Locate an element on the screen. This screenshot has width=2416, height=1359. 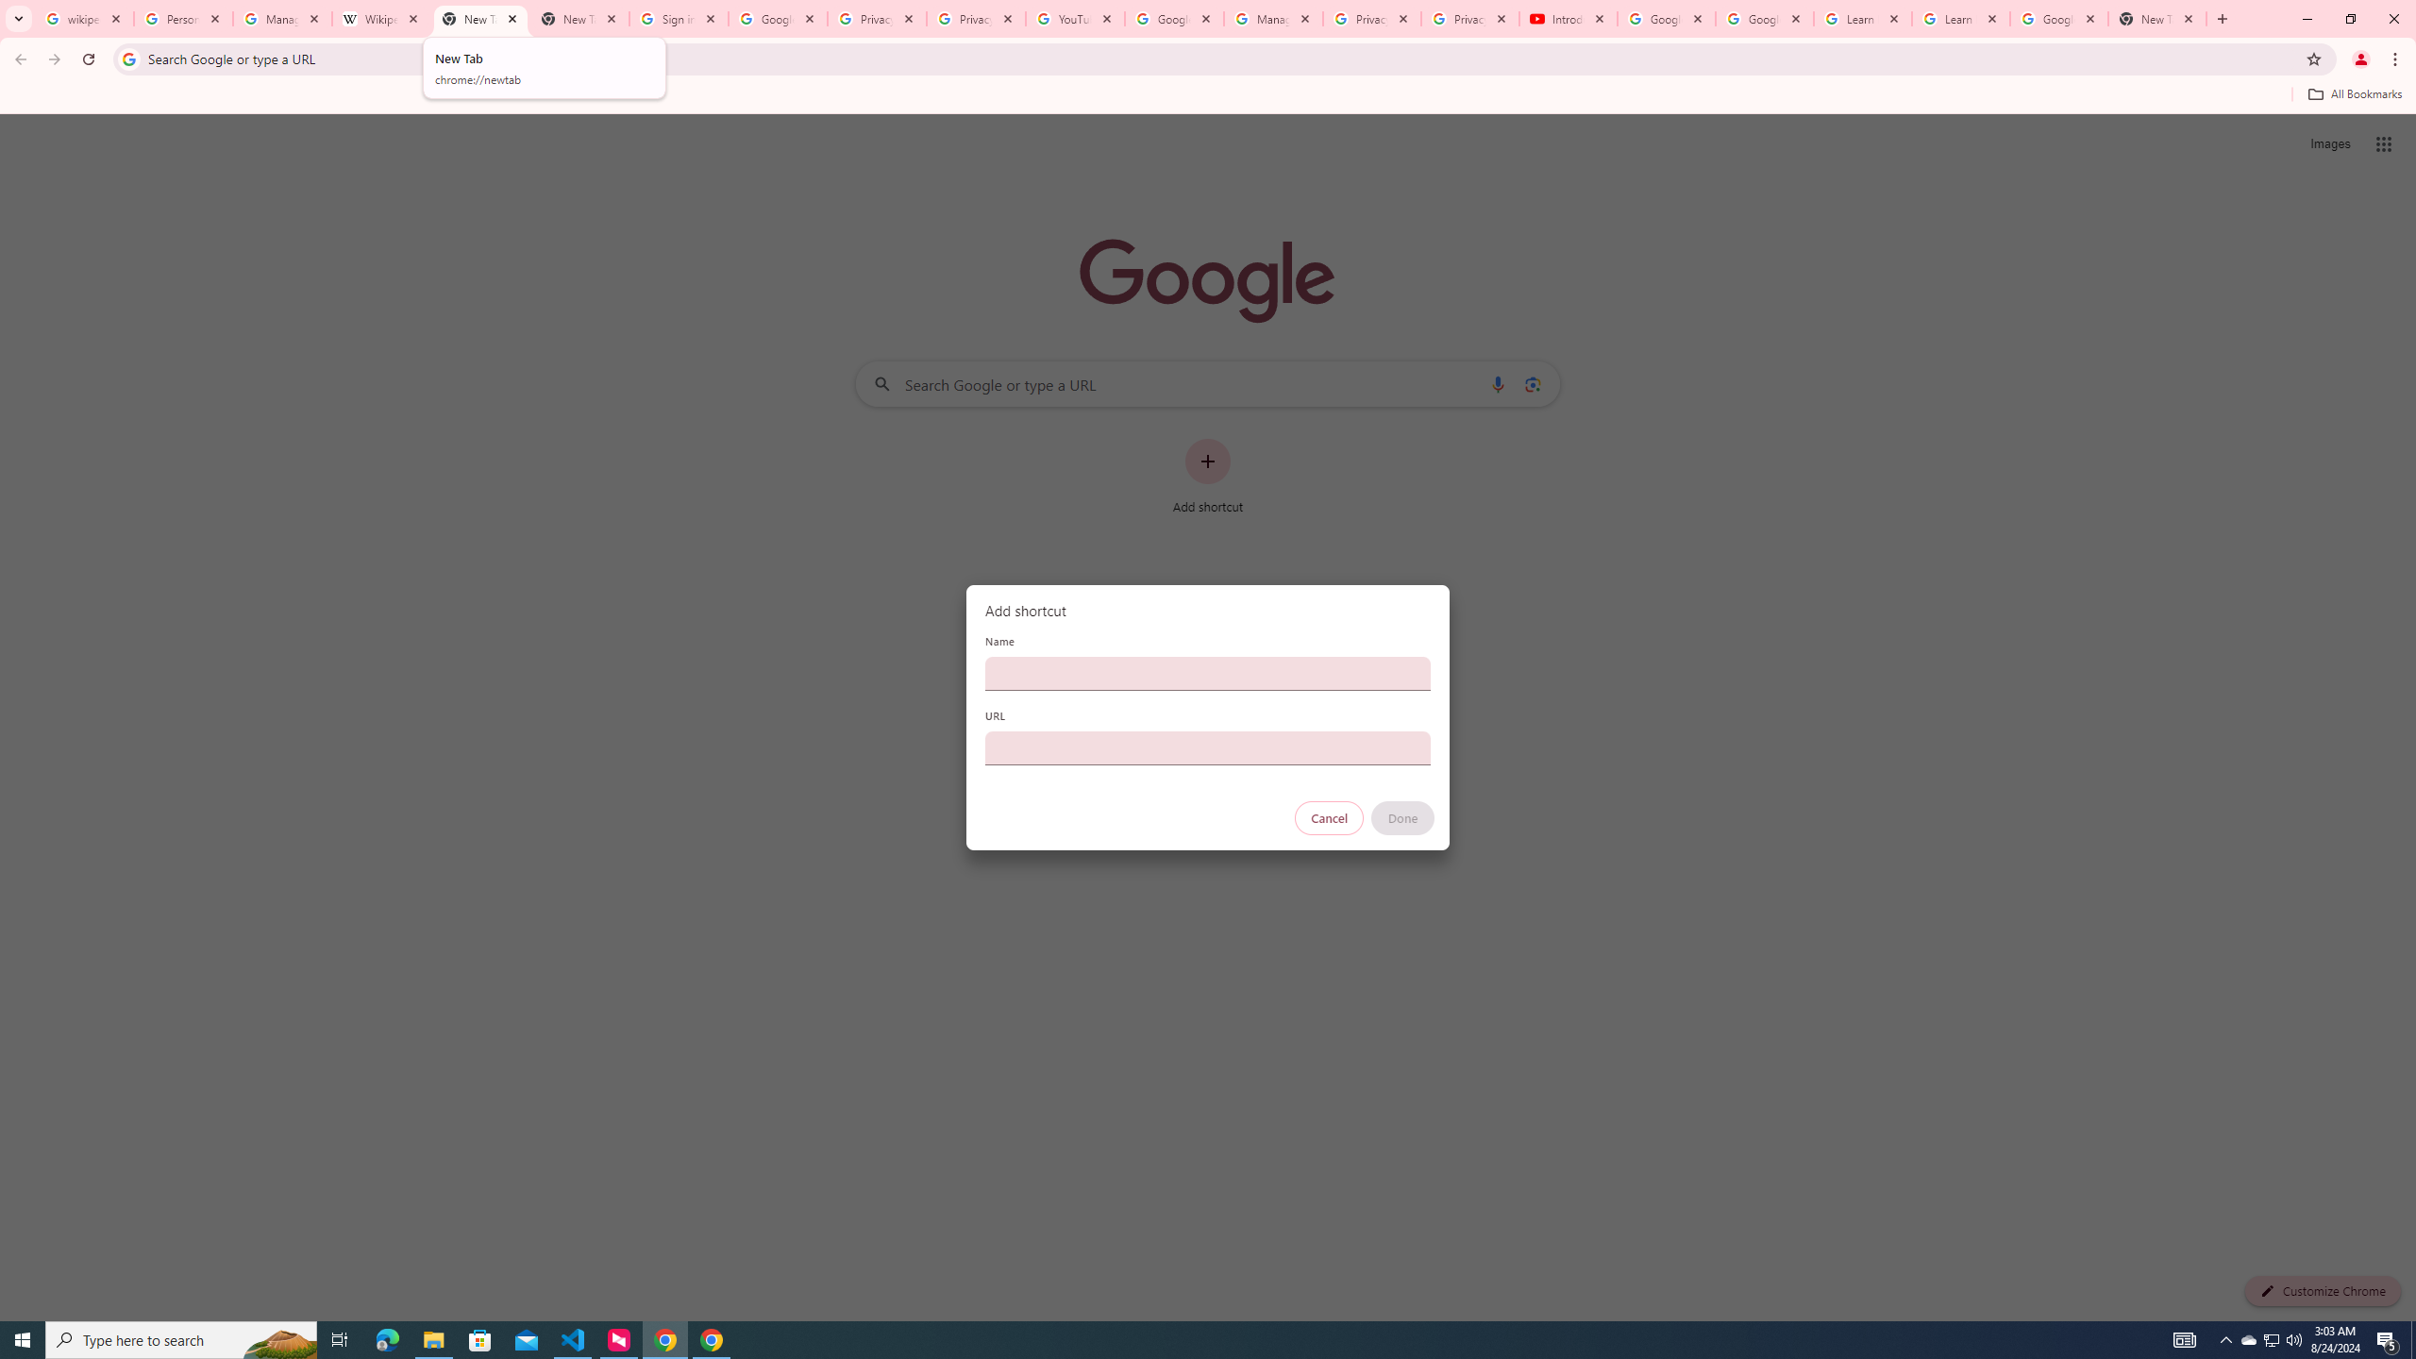
'YouTube' is located at coordinates (1074, 18).